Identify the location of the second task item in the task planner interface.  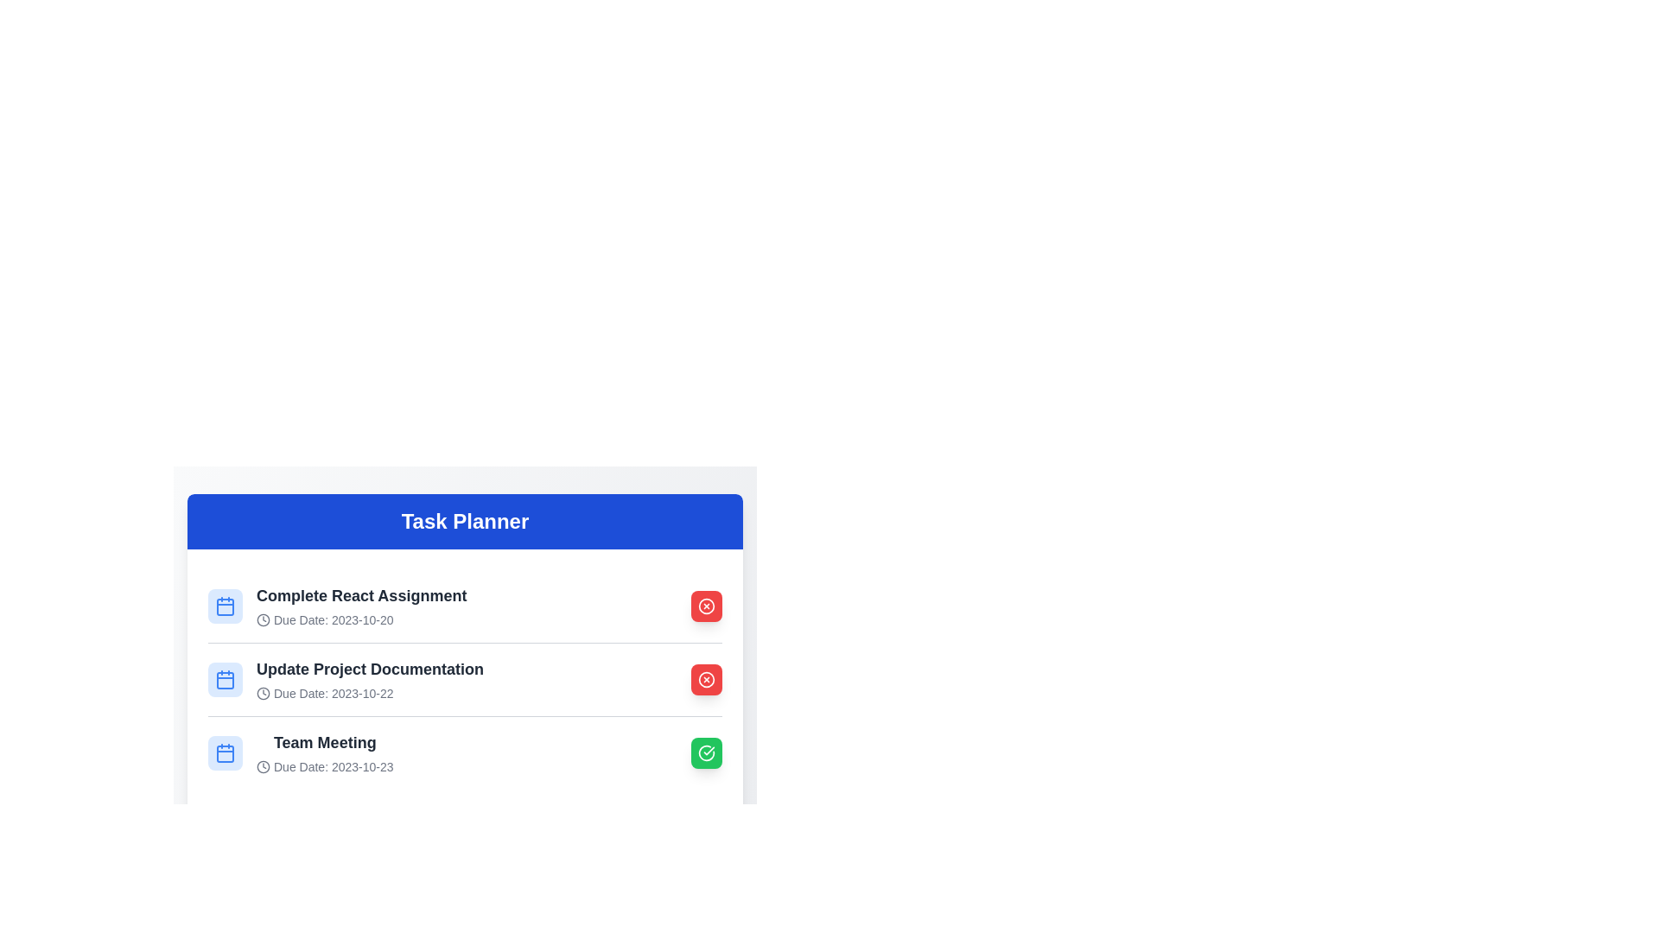
(465, 707).